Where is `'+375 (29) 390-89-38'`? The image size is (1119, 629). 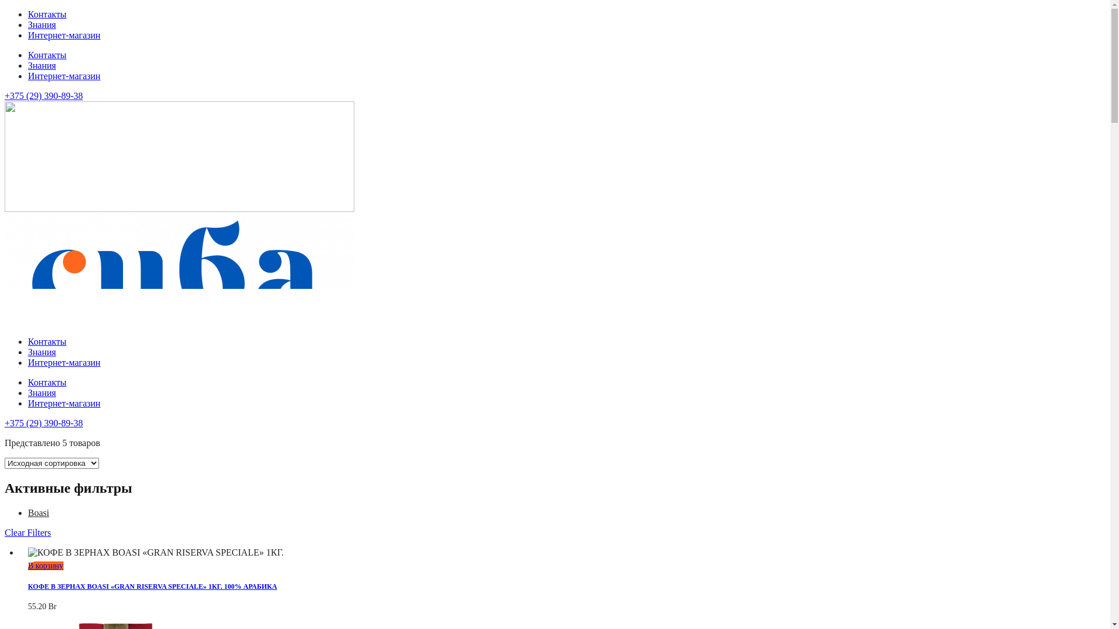
'+375 (29) 390-89-38' is located at coordinates (44, 95).